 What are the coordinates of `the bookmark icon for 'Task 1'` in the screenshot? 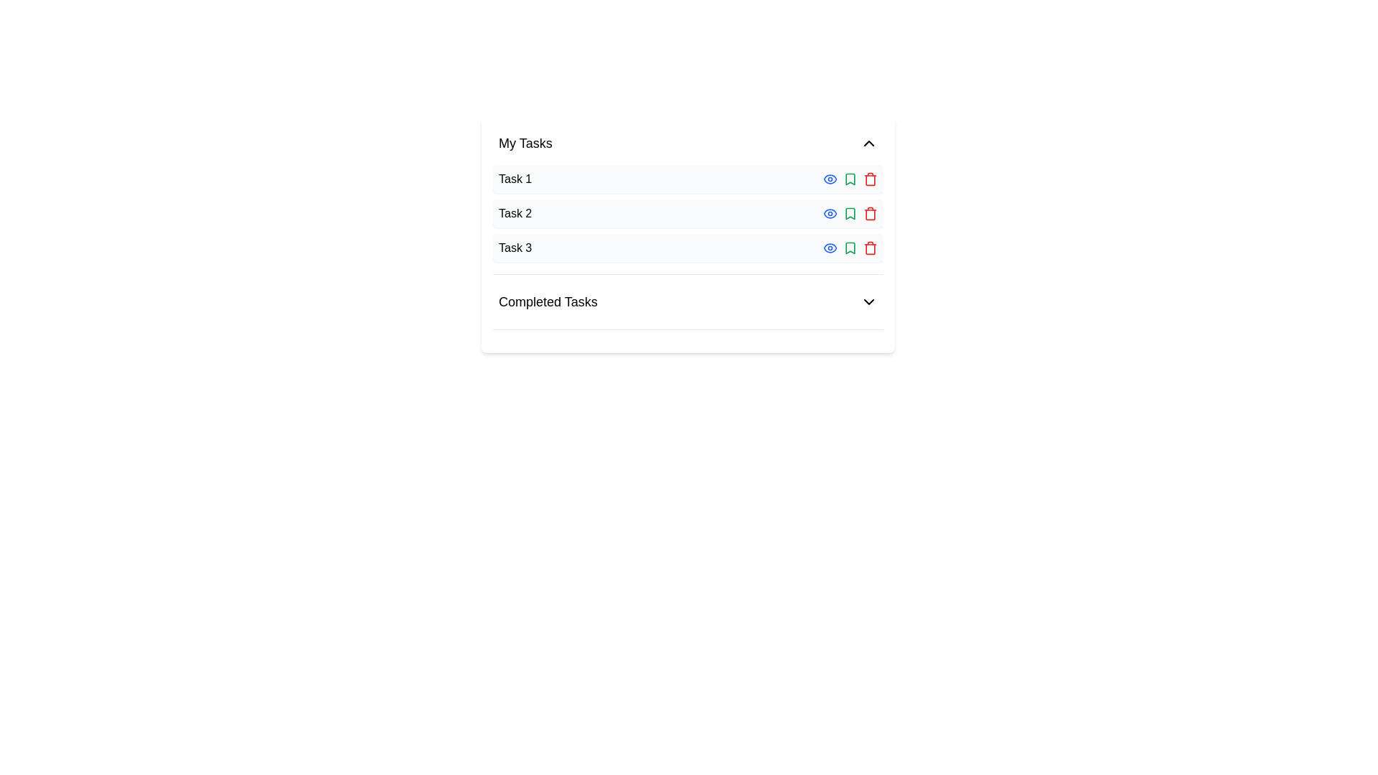 It's located at (850, 248).